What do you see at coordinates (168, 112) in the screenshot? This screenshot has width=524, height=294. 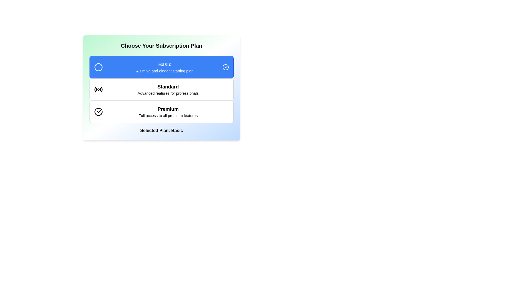 I see `information from the text block element that displays 'Premium' and 'Full access to all premium features', which is the third in a vertical list of subscription options` at bounding box center [168, 112].